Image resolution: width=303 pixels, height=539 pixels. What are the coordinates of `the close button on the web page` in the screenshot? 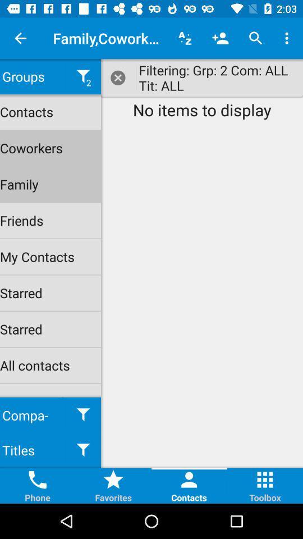 It's located at (118, 77).